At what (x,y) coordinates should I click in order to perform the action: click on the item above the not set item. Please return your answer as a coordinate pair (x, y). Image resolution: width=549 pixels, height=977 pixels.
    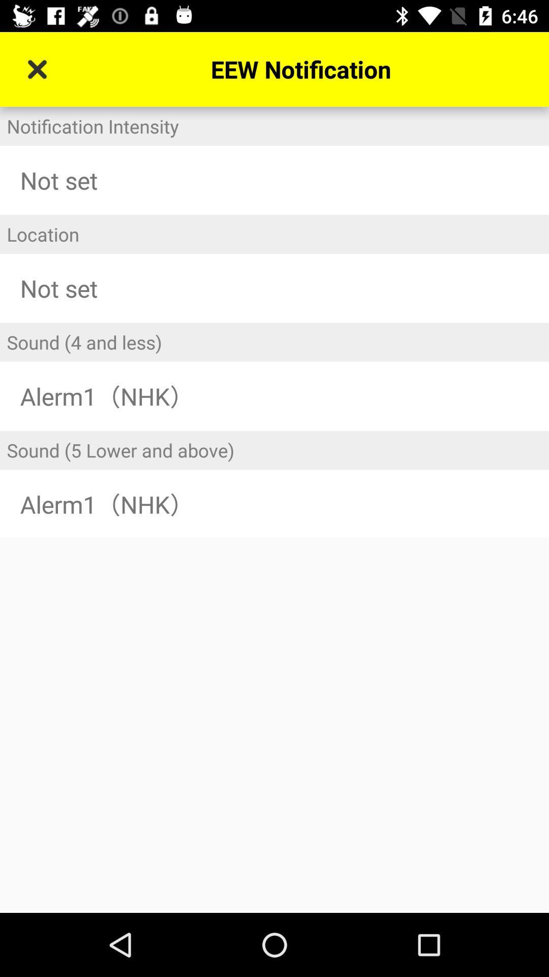
    Looking at the image, I should click on (274, 126).